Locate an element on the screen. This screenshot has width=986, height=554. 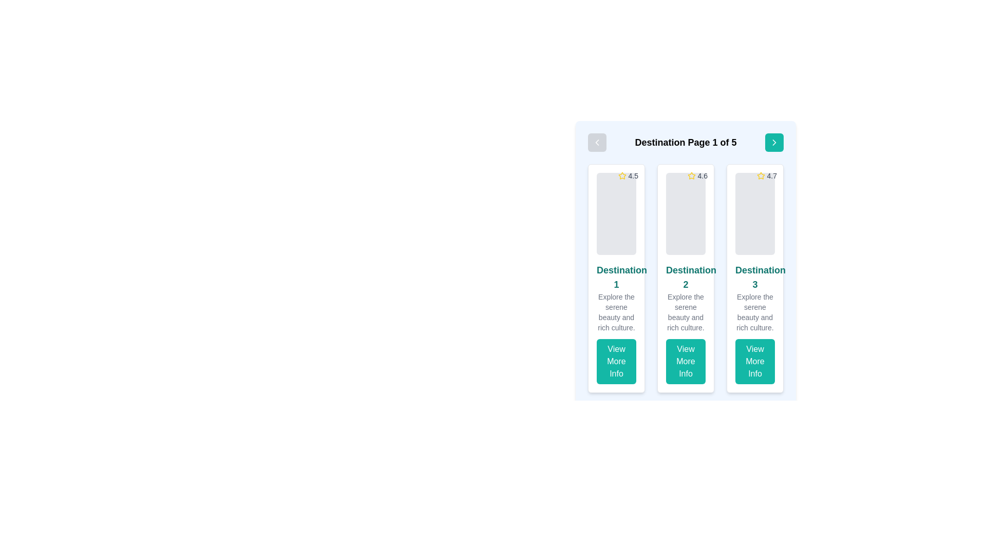
the highlighted destination card located in the top-left section of the grid layout, which provides an overview of the destination with a star rating, name, and a clickable button for more details is located at coordinates (616, 279).